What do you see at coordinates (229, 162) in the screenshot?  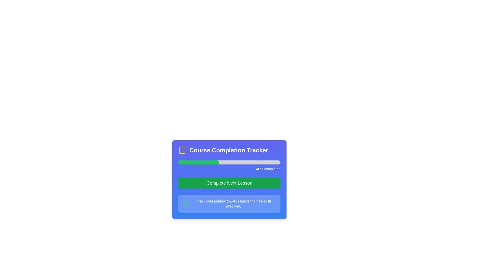 I see `the horizontal progress bar with rounded ends, which has a gray background and a green-filled section indicating 40% completion, located under the 'Course Completion Tracker' title` at bounding box center [229, 162].